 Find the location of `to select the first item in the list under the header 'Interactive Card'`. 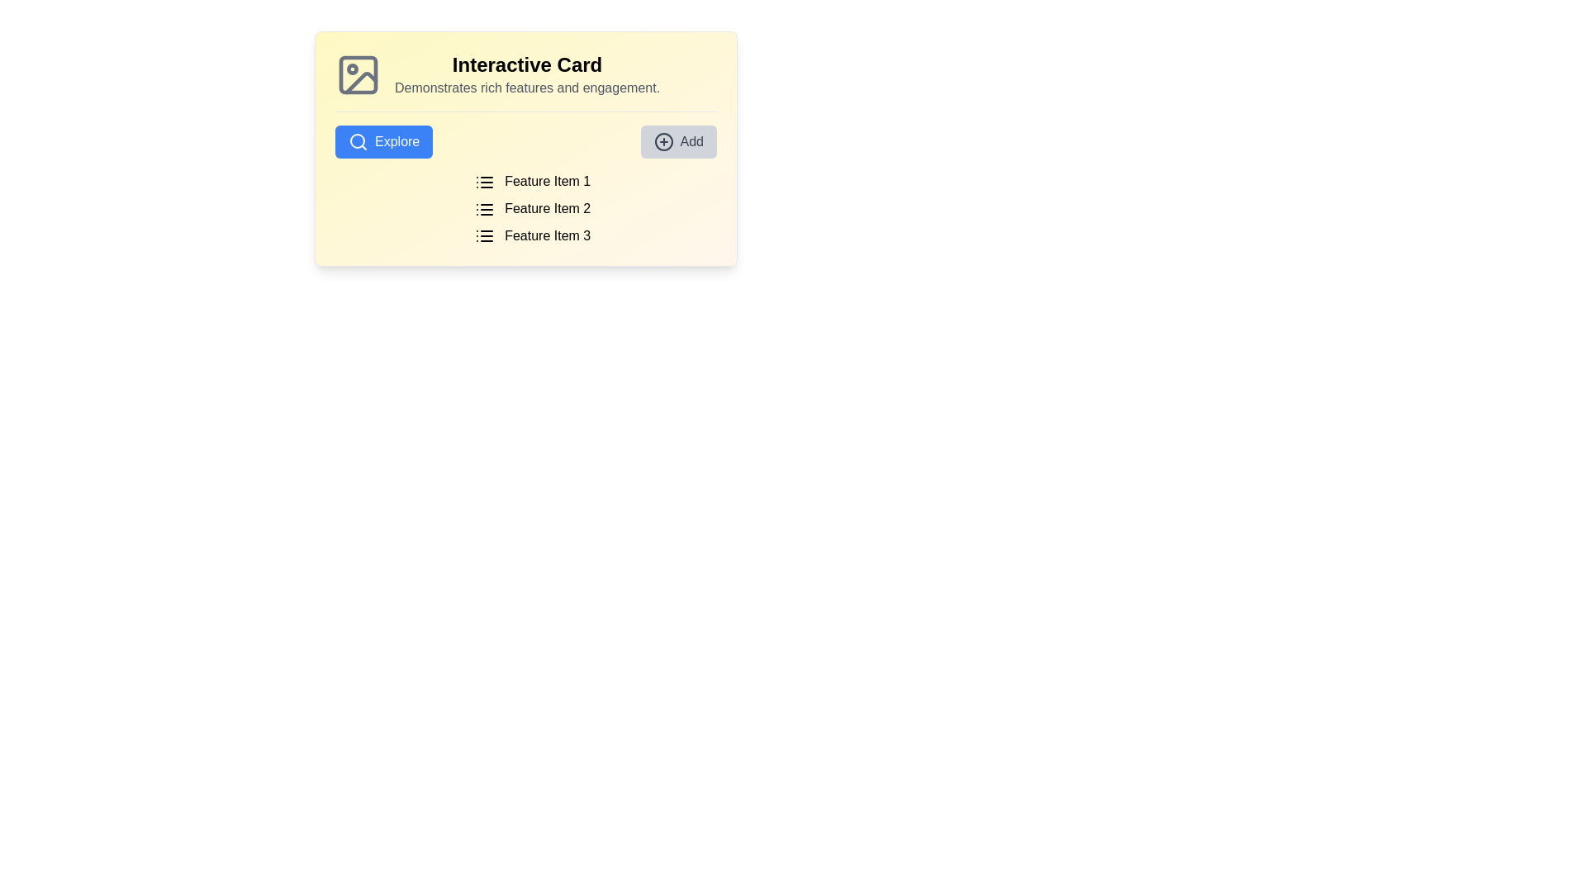

to select the first item in the list under the header 'Interactive Card' is located at coordinates (532, 181).